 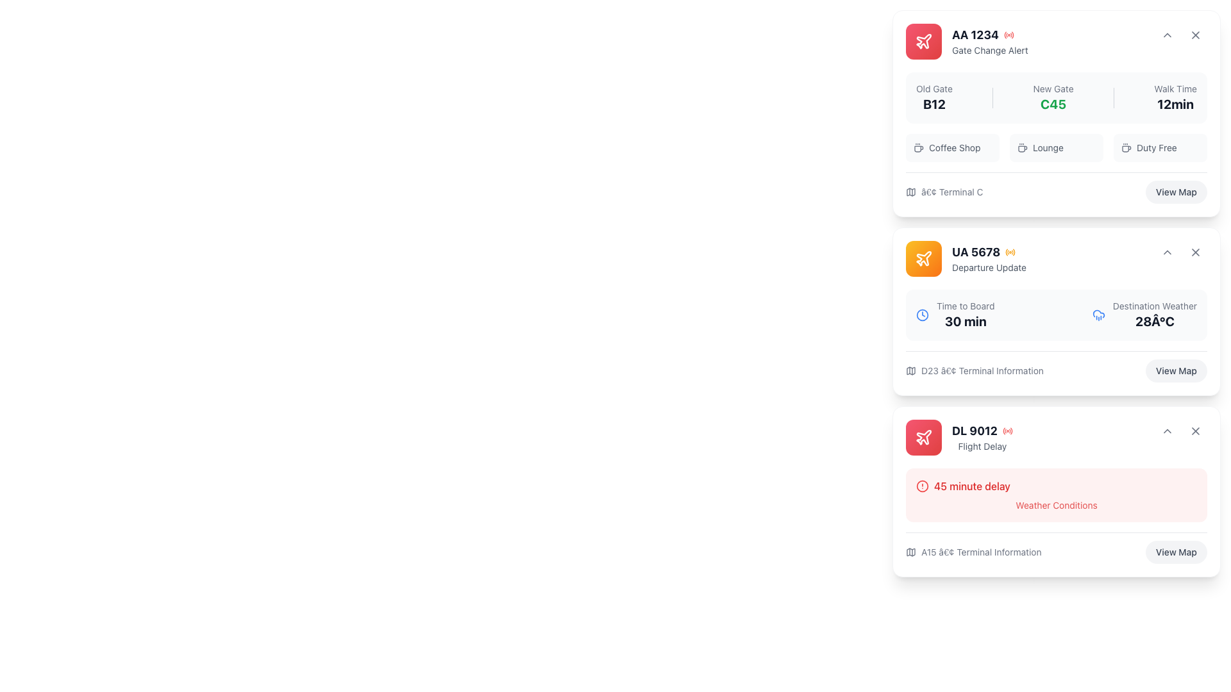 What do you see at coordinates (944, 192) in the screenshot?
I see `terminal information displayed in the Text Label with Icon for 'Terminal C', located near the bottom-left of the 'AA 1234 Gate Change Alert' card` at bounding box center [944, 192].